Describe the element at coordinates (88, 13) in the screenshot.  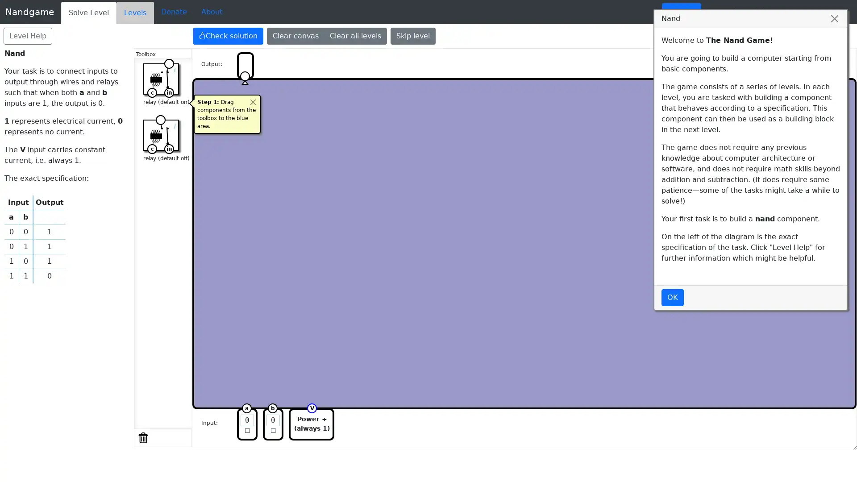
I see `Solve Level` at that location.